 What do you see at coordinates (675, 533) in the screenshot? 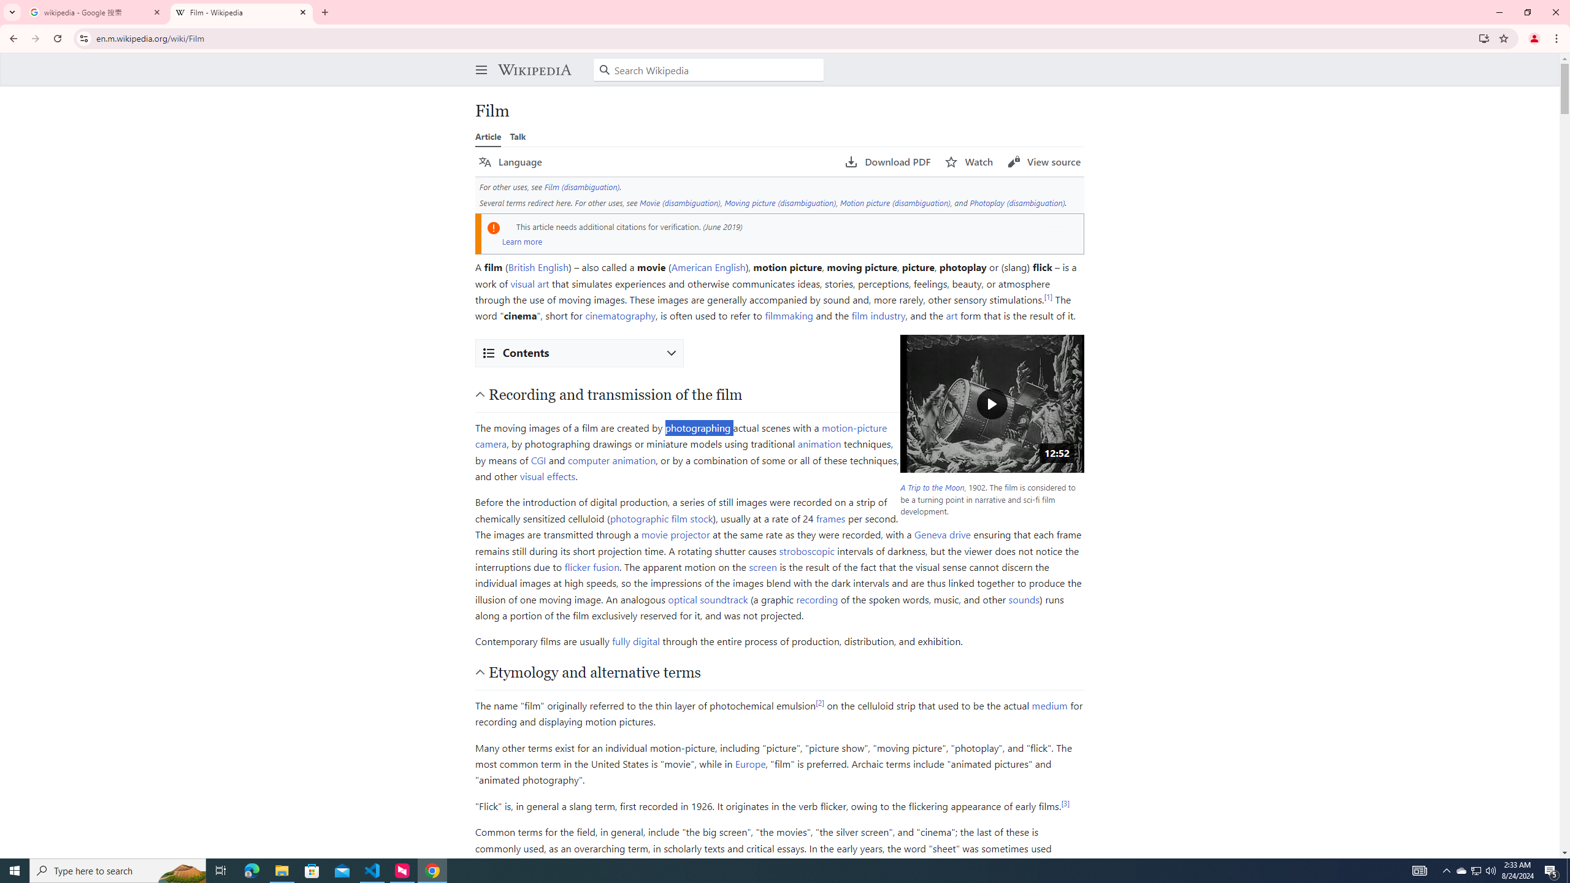
I see `'movie projector'` at bounding box center [675, 533].